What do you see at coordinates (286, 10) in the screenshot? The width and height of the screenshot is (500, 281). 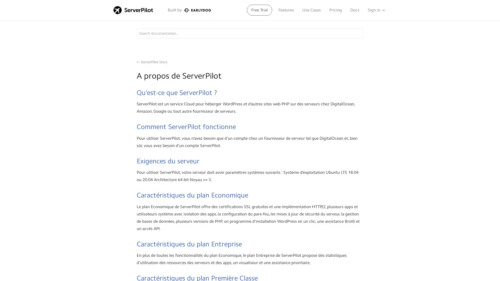 I see `Features` at bounding box center [286, 10].